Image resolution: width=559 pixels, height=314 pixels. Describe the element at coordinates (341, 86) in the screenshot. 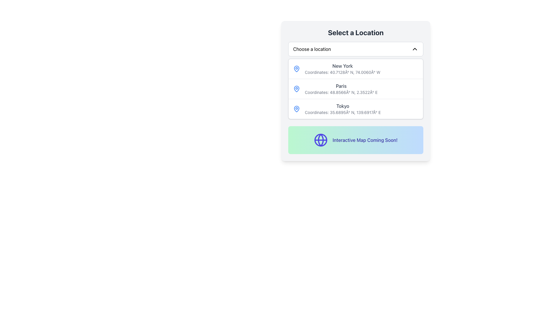

I see `text label displaying the location name 'Paris', which is the second option in the list of locations, located between 'New York' and 'Tokyo'` at that location.